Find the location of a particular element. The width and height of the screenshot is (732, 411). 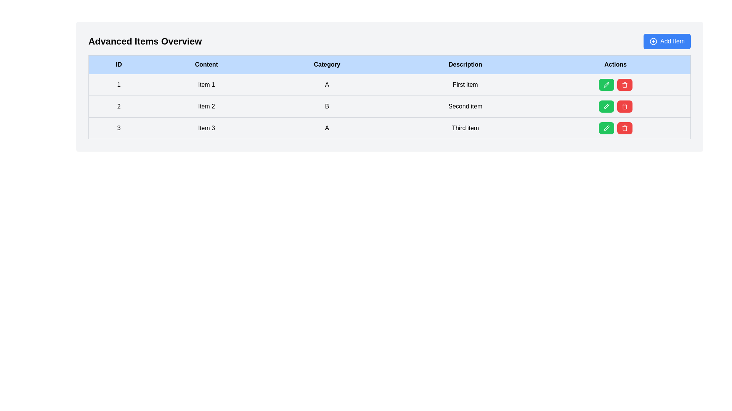

the 'Edit' button located in the 'Actions' column of the first row of the table is located at coordinates (606, 85).